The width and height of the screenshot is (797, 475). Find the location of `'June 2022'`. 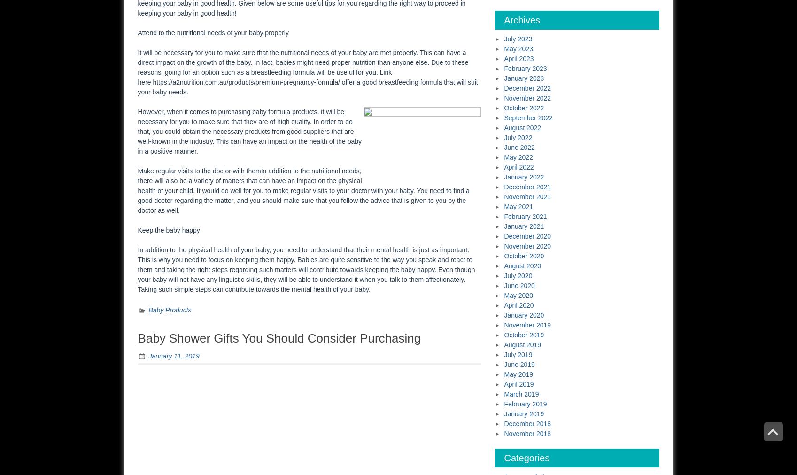

'June 2022' is located at coordinates (519, 147).